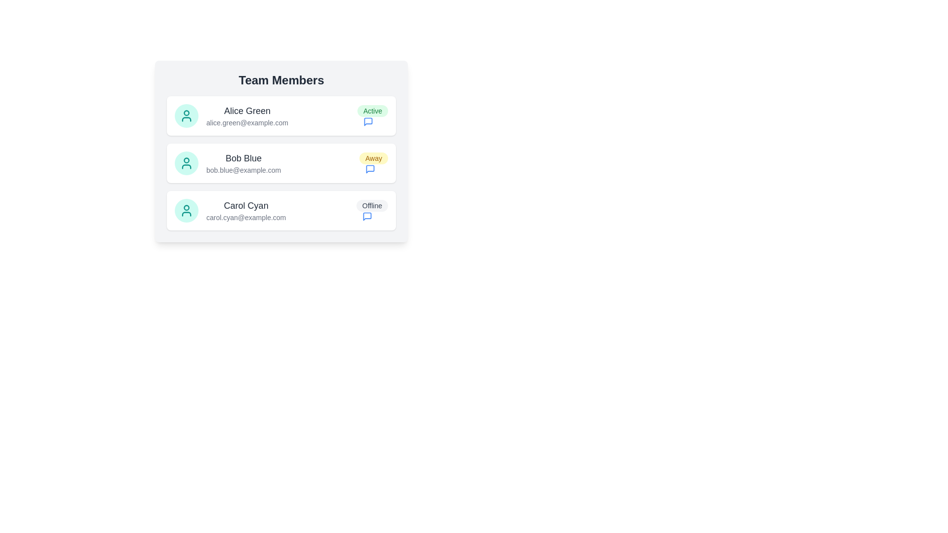 This screenshot has height=533, width=948. Describe the element at coordinates (187, 210) in the screenshot. I see `the user silhouette icon in the third card of the 'Team Members' list, which is rendered in teal and represents a profile pictogram adjacent to 'Carol Cyan'` at that location.